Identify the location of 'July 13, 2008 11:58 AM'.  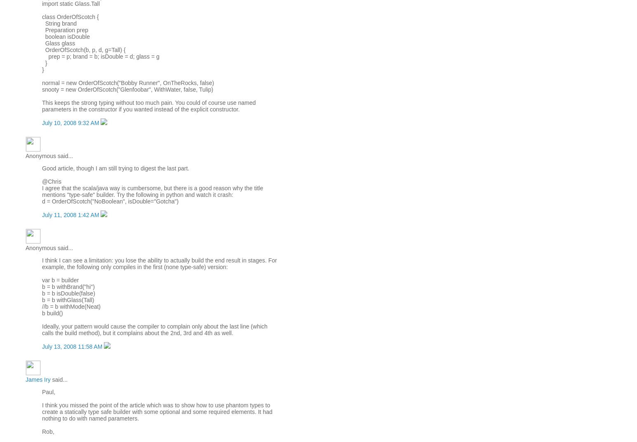
(73, 346).